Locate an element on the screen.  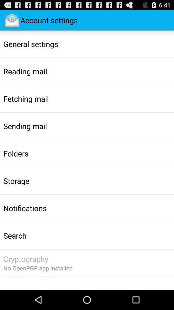
app above the cryptography icon is located at coordinates (15, 235).